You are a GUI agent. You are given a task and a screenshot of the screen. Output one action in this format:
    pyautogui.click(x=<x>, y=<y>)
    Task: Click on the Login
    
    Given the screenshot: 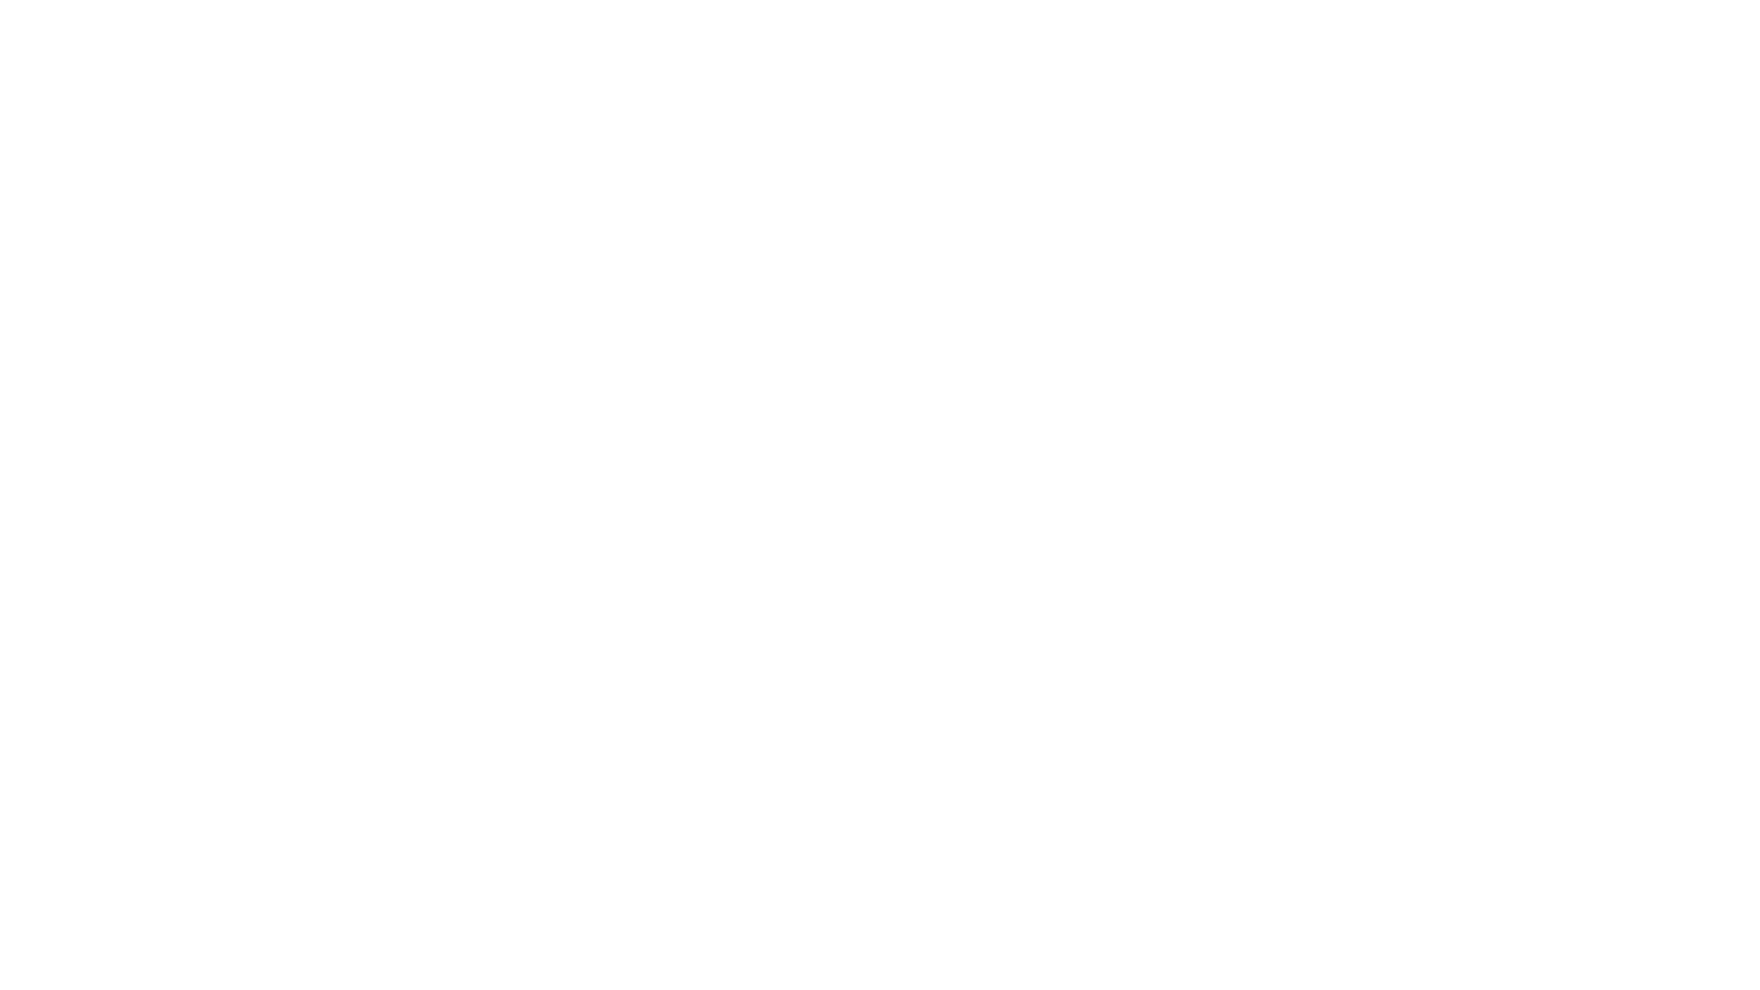 What is the action you would take?
    pyautogui.click(x=880, y=634)
    